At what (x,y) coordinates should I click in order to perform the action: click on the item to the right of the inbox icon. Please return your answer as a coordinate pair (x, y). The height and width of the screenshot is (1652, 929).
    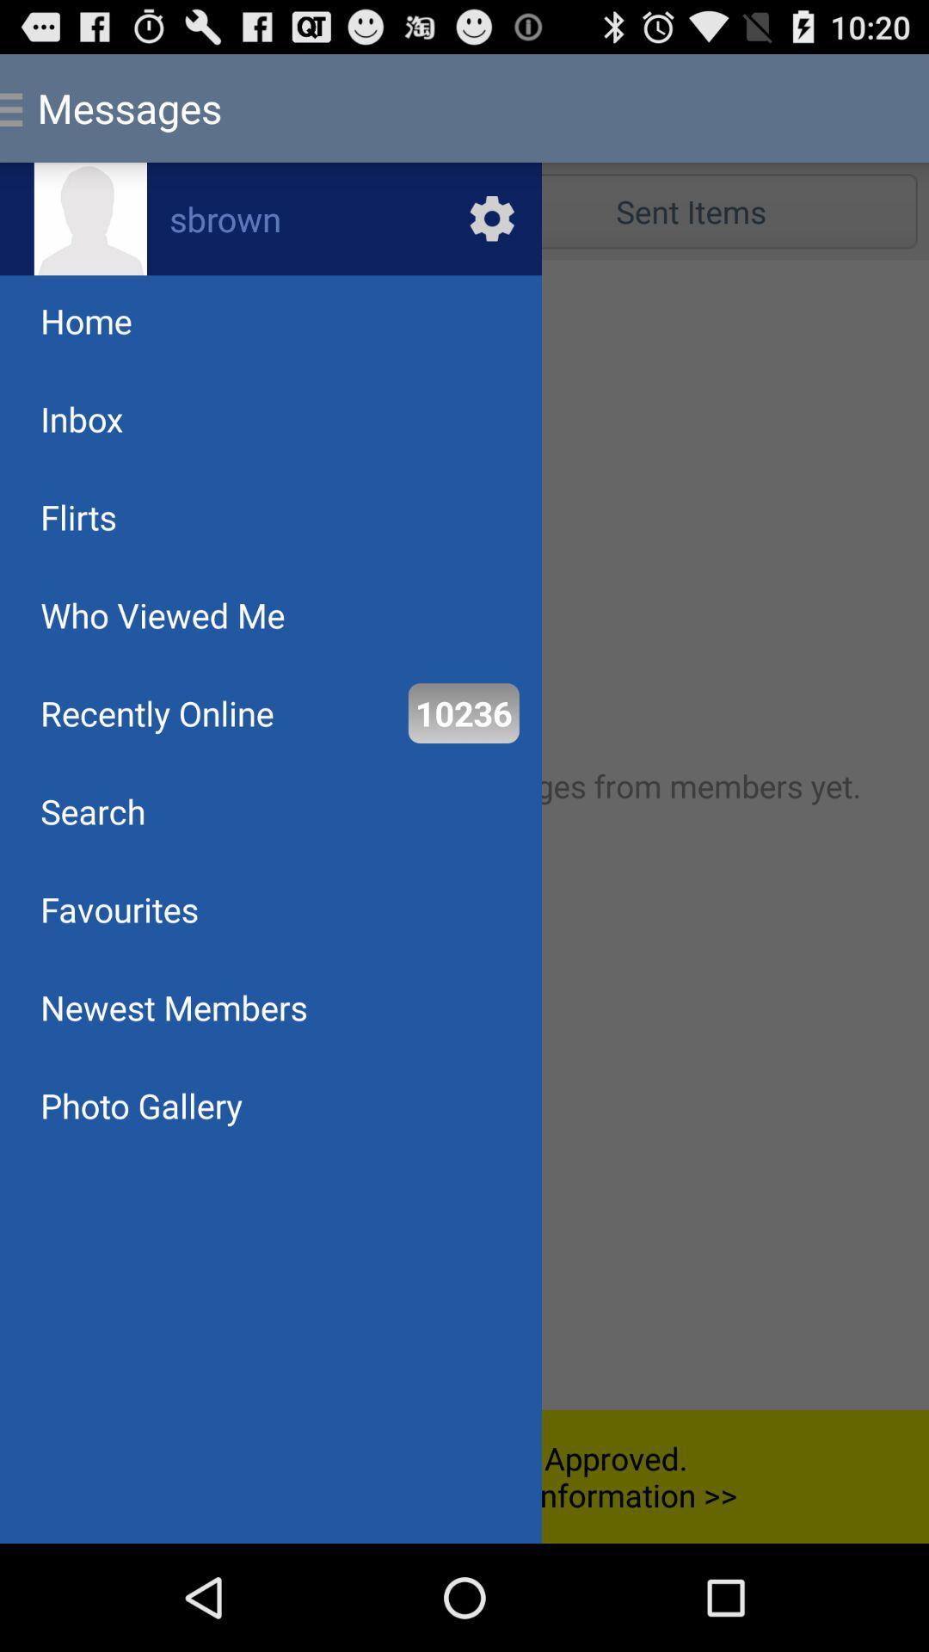
    Looking at the image, I should click on (690, 210).